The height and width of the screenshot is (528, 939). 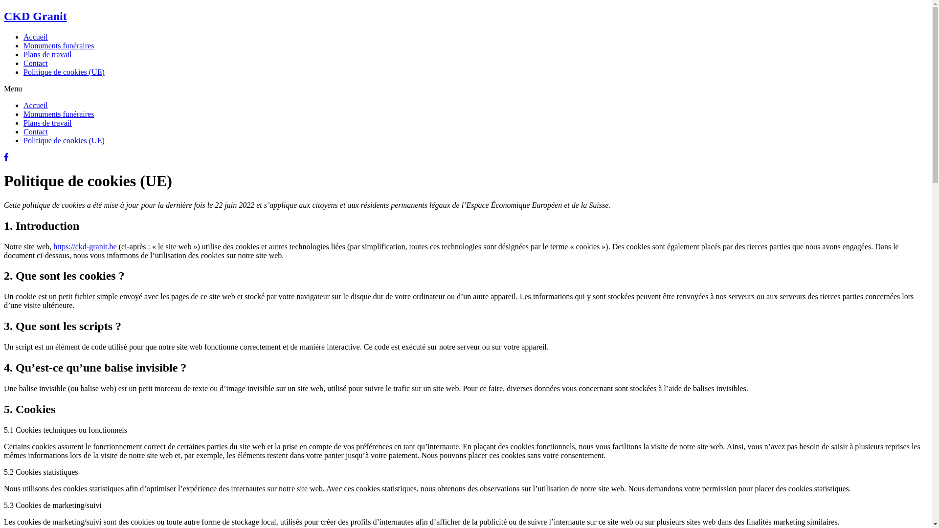 What do you see at coordinates (23, 36) in the screenshot?
I see `'Accueil'` at bounding box center [23, 36].